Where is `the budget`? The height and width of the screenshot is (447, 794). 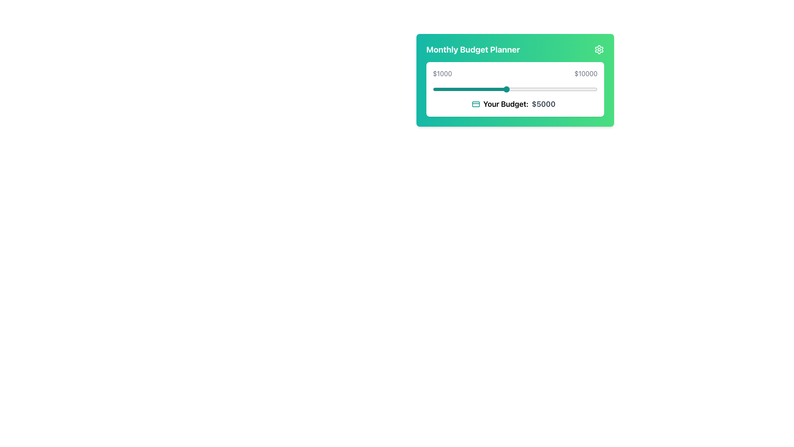 the budget is located at coordinates (496, 89).